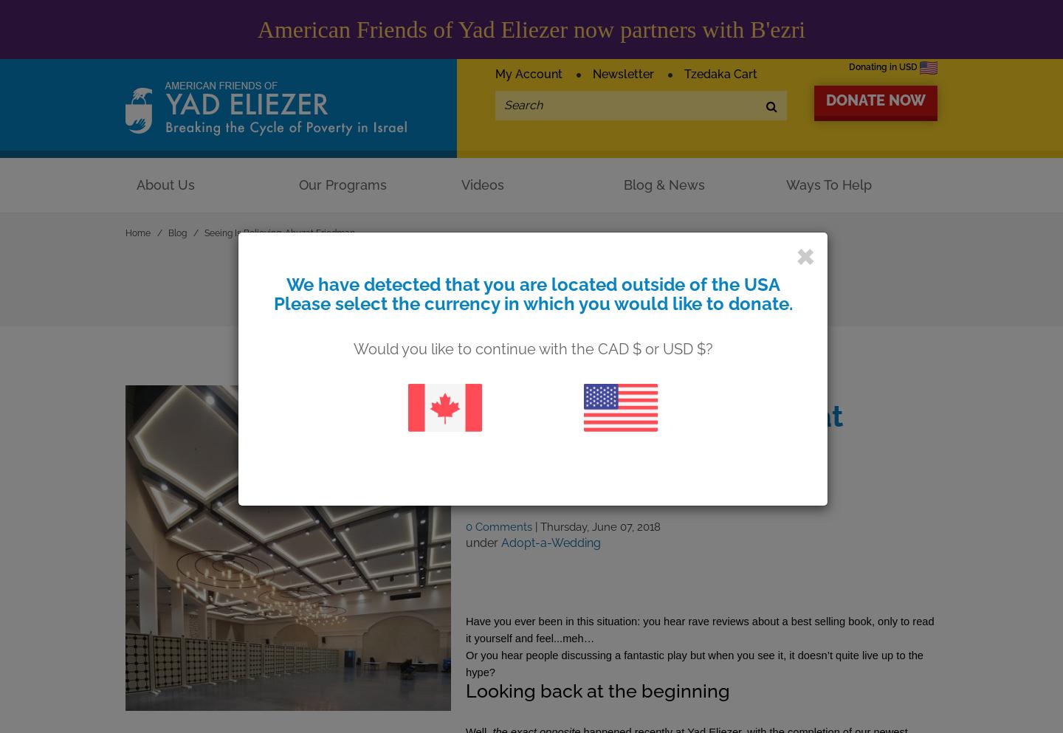 This screenshot has width=1063, height=733. I want to click on 'USD $', so click(684, 347).